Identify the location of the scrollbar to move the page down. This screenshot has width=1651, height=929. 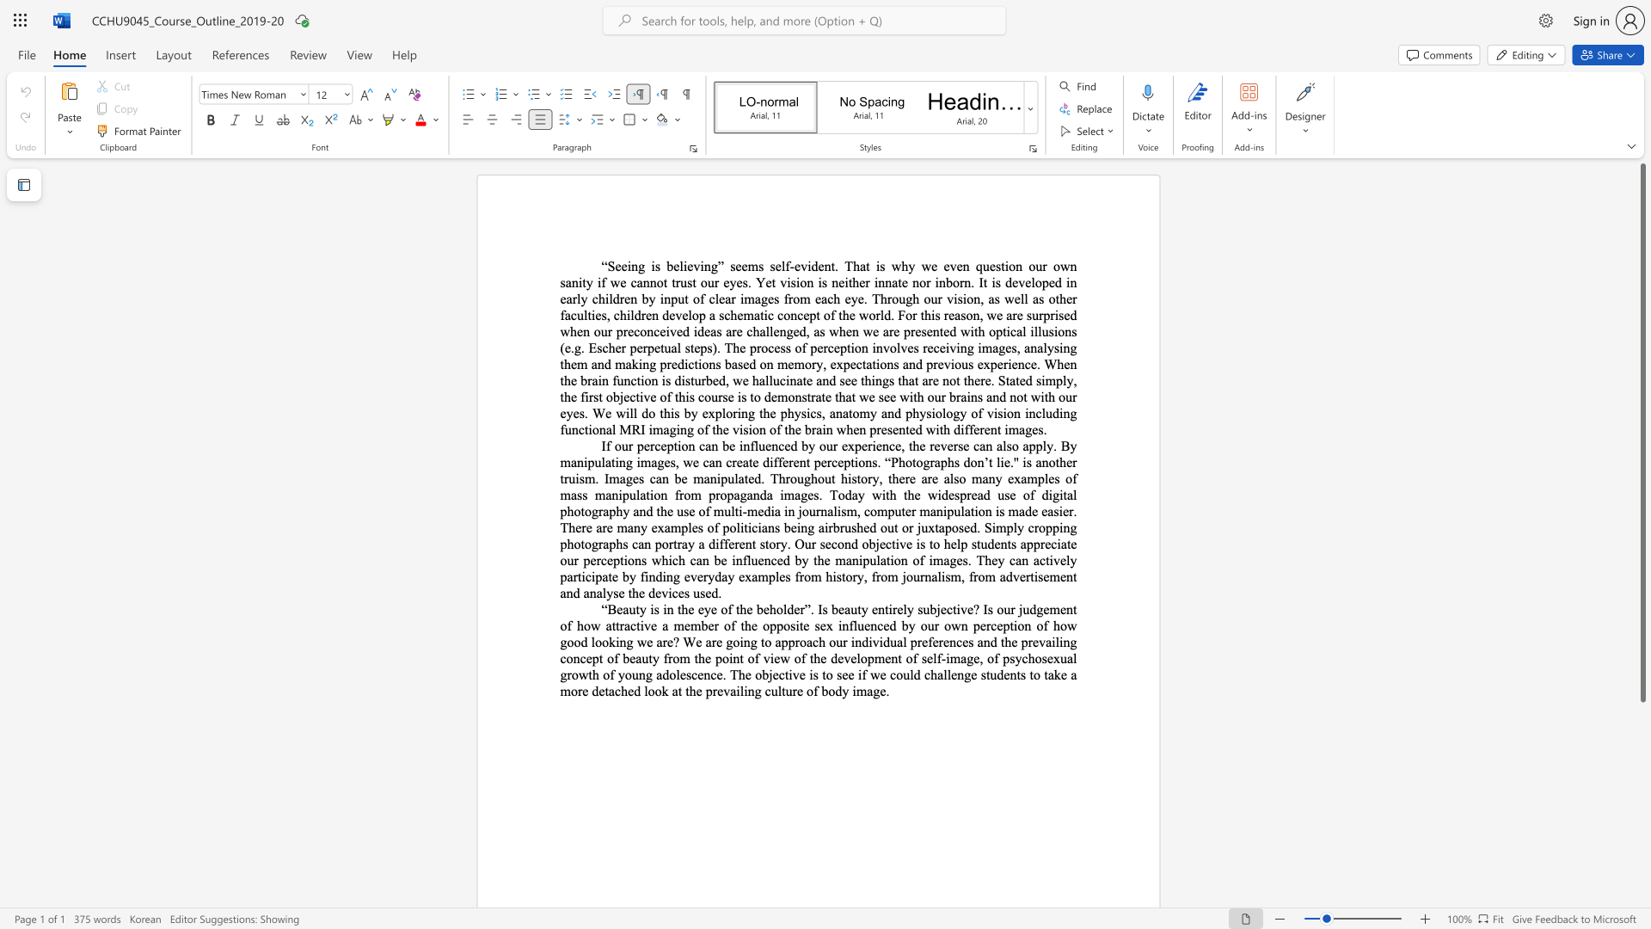
(1642, 825).